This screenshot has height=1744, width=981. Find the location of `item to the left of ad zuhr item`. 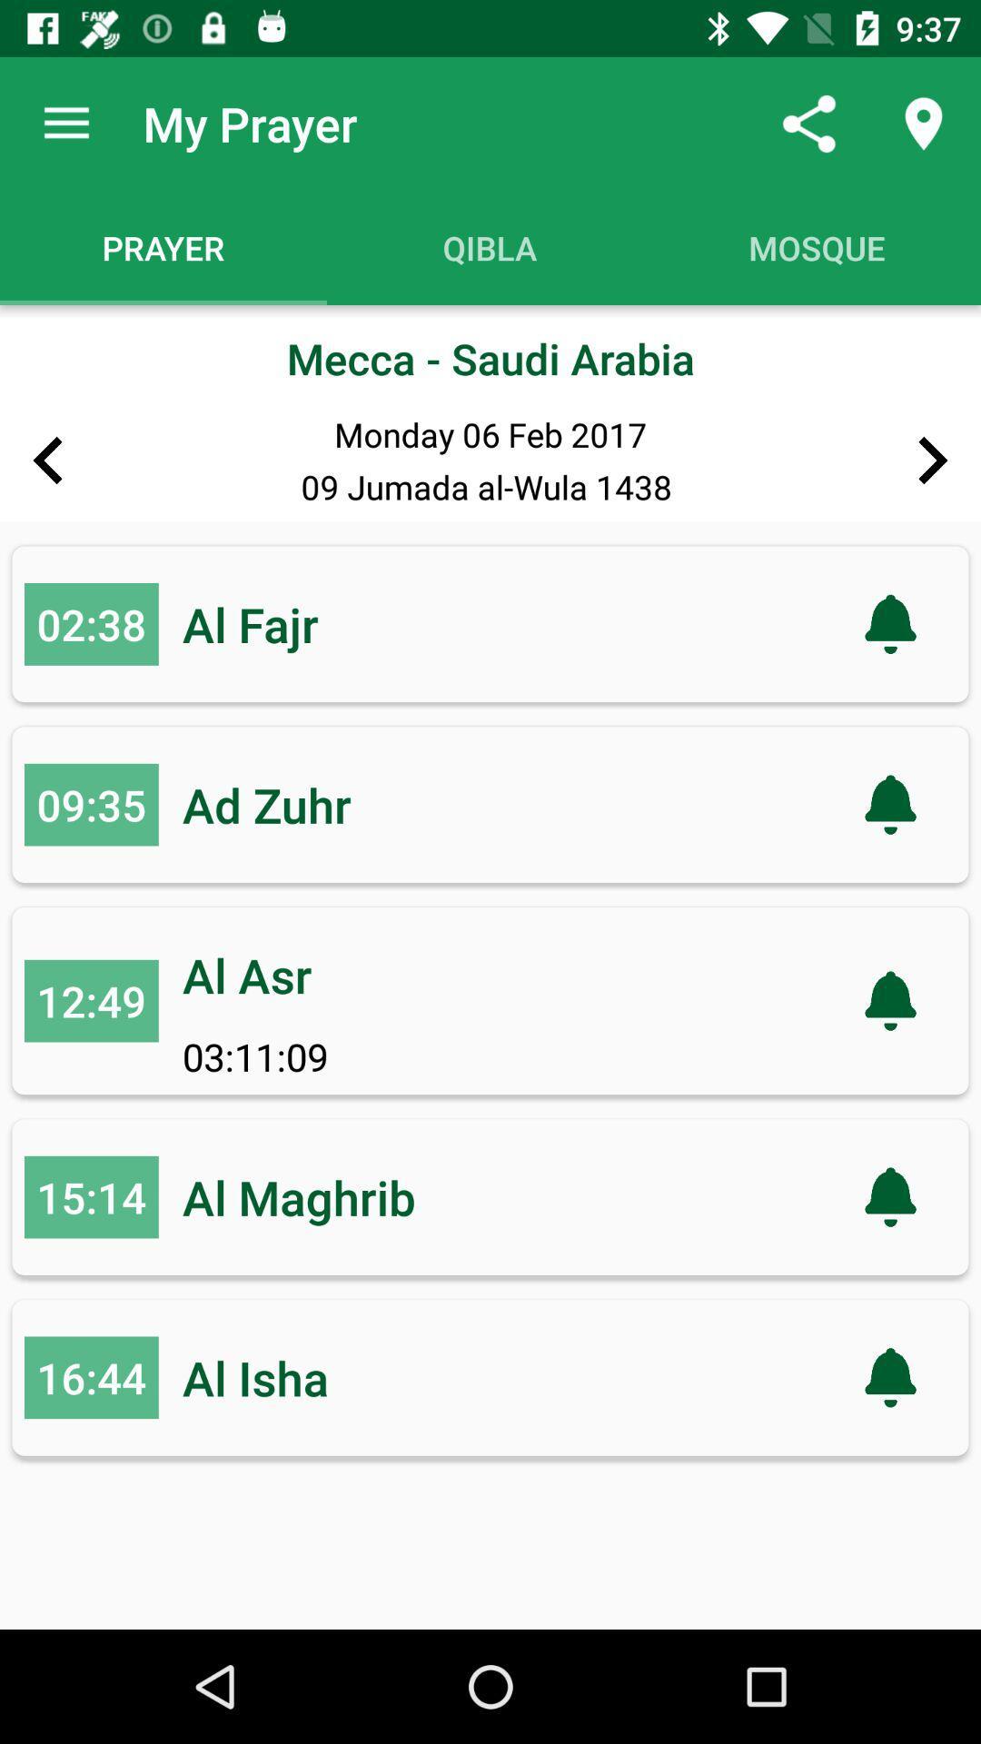

item to the left of ad zuhr item is located at coordinates (91, 804).